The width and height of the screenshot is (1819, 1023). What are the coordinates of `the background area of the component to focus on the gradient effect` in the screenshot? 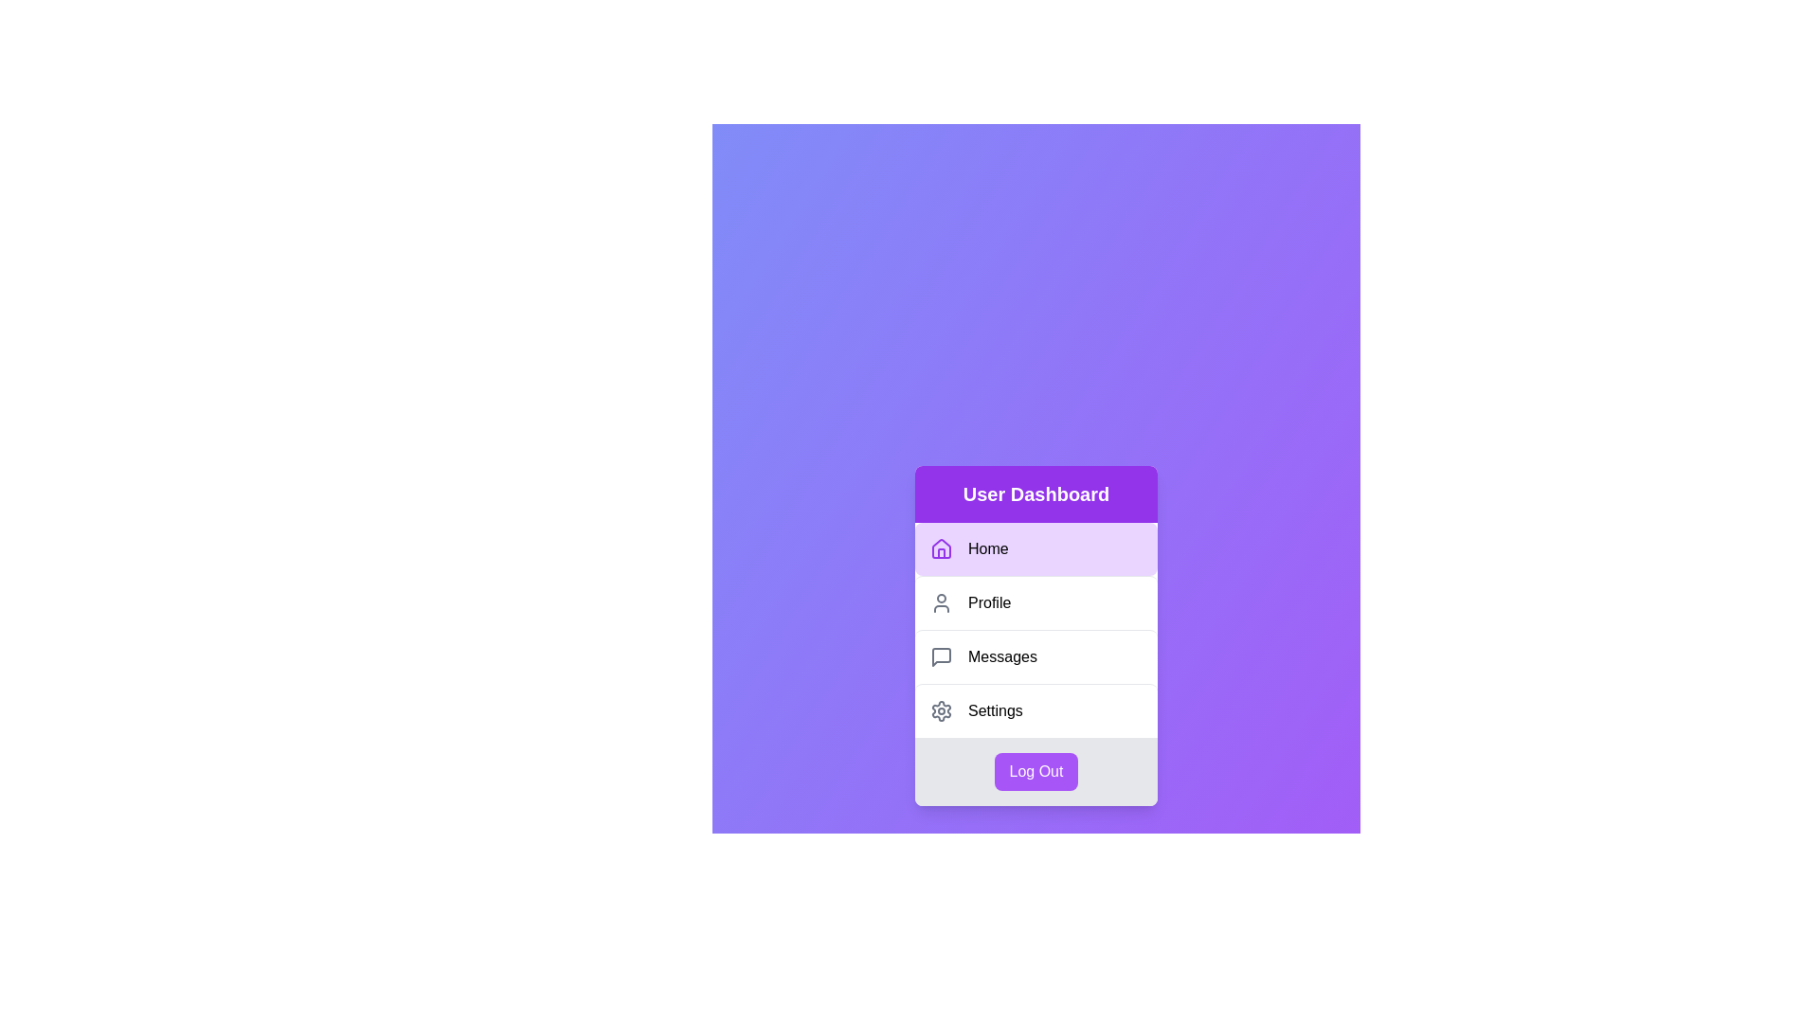 It's located at (758, 379).